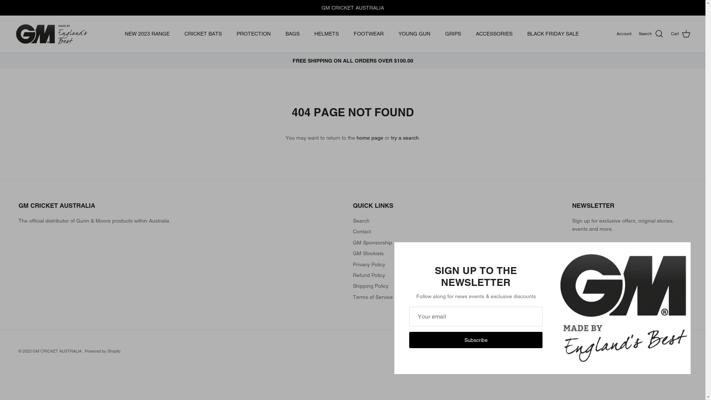 The image size is (711, 400). Describe the element at coordinates (102, 351) in the screenshot. I see `'Powered by Shopify'` at that location.